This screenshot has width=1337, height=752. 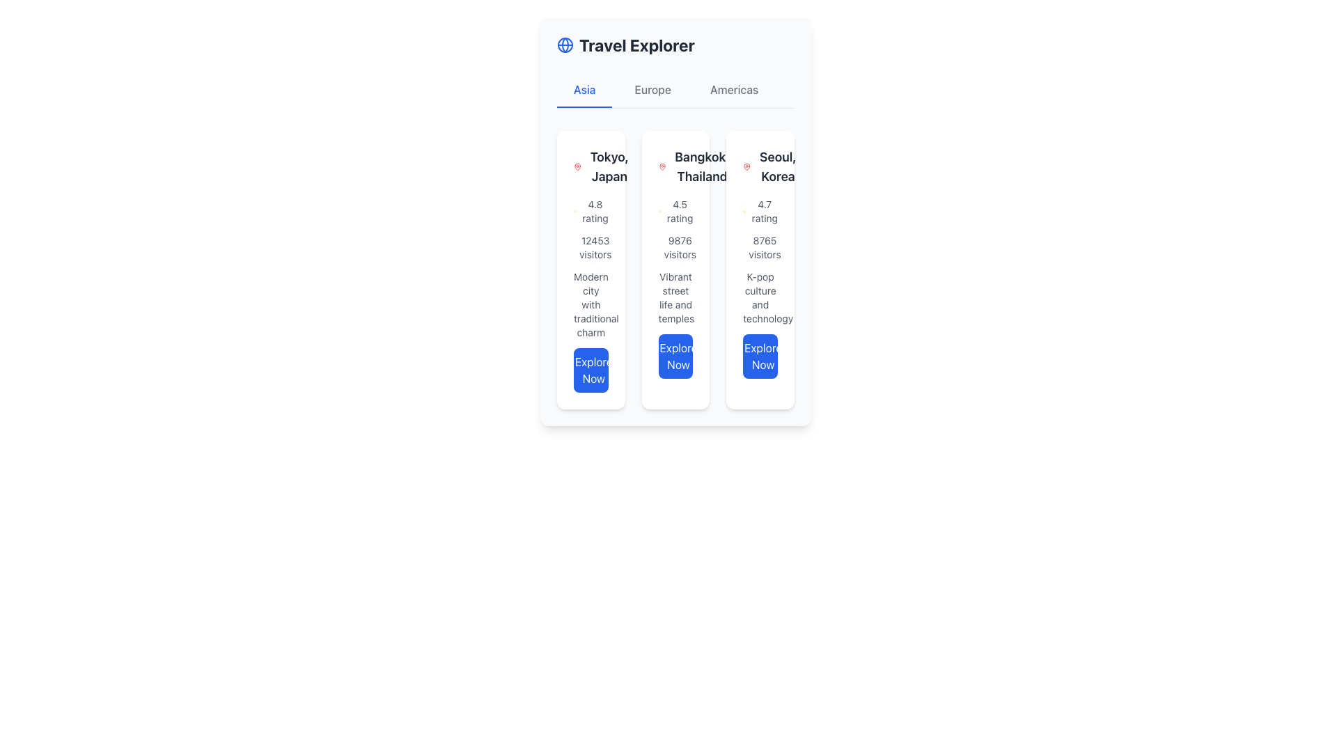 I want to click on the text label indicating 'Tokyo, Japan', which serves as the title for the card describing this location, positioned at the top section of the card layout, so click(x=591, y=166).